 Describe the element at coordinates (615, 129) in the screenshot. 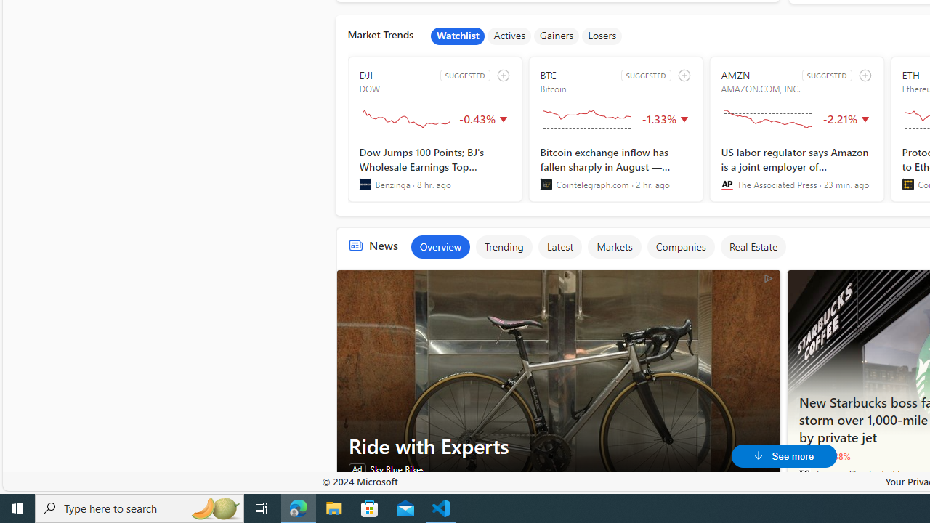

I see `'BTC SUGGESTED Bitcoin'` at that location.